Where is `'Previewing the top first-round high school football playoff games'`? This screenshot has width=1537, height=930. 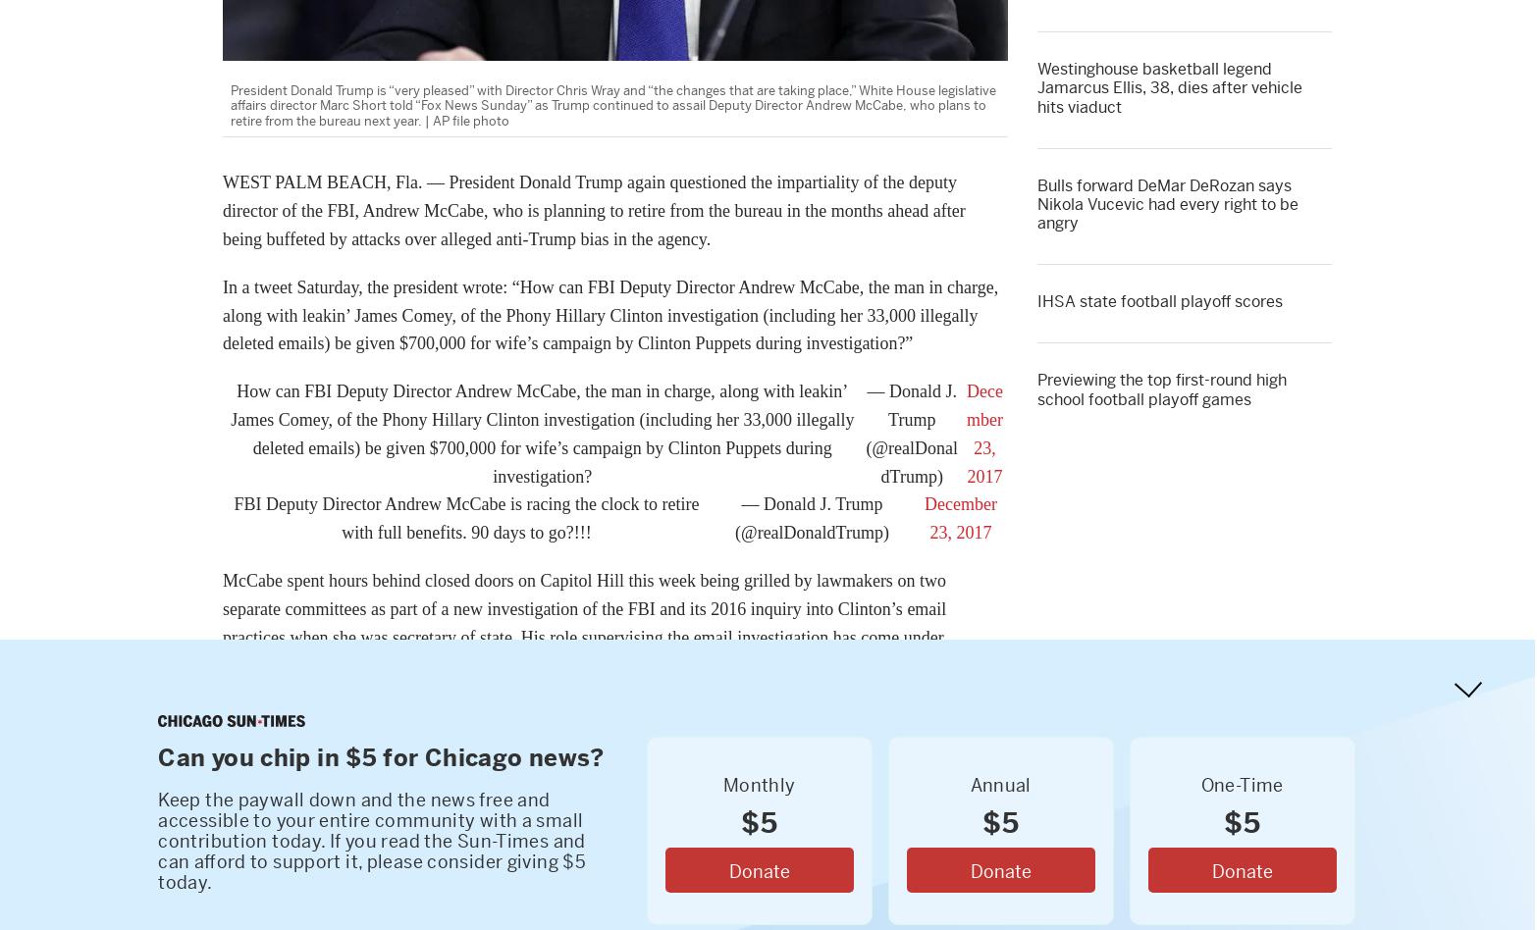
'Previewing the top first-round high school football playoff games' is located at coordinates (1161, 388).